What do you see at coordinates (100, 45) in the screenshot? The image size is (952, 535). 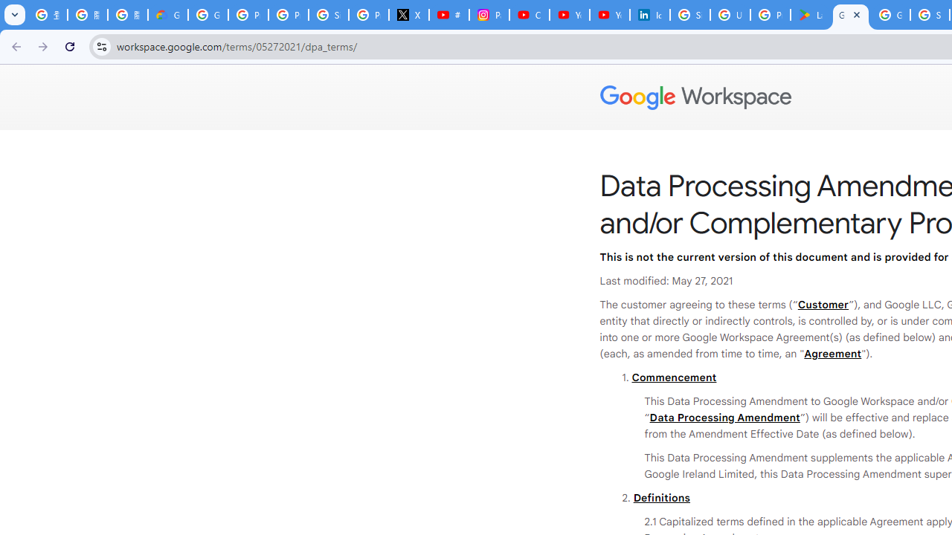 I see `'View site information'` at bounding box center [100, 45].